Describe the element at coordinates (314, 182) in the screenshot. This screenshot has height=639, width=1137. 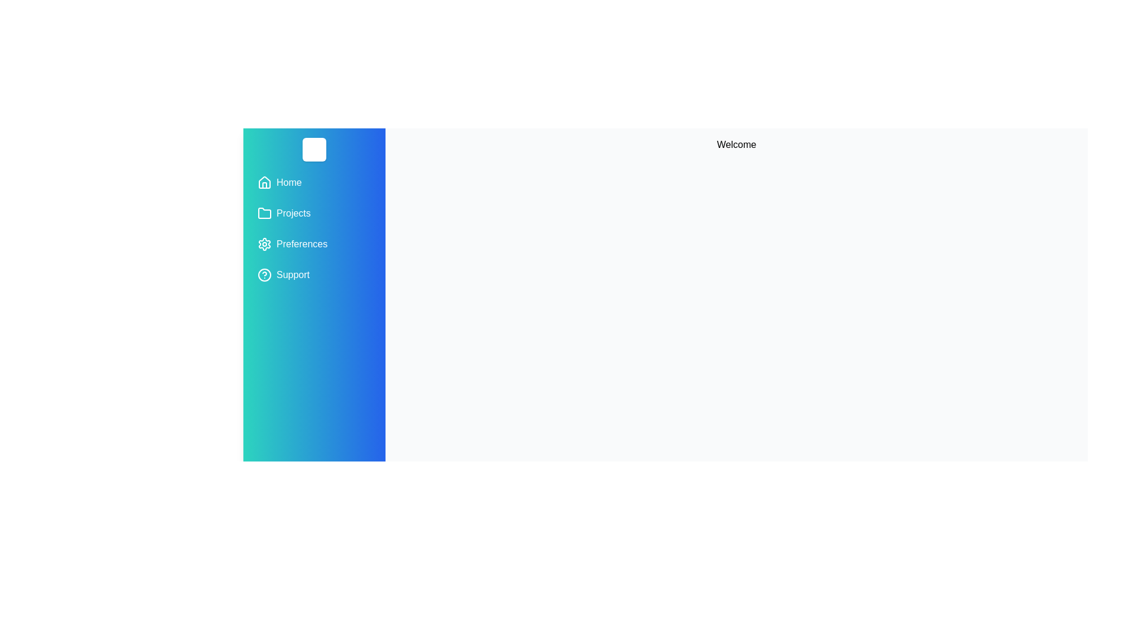
I see `the menu item Home` at that location.